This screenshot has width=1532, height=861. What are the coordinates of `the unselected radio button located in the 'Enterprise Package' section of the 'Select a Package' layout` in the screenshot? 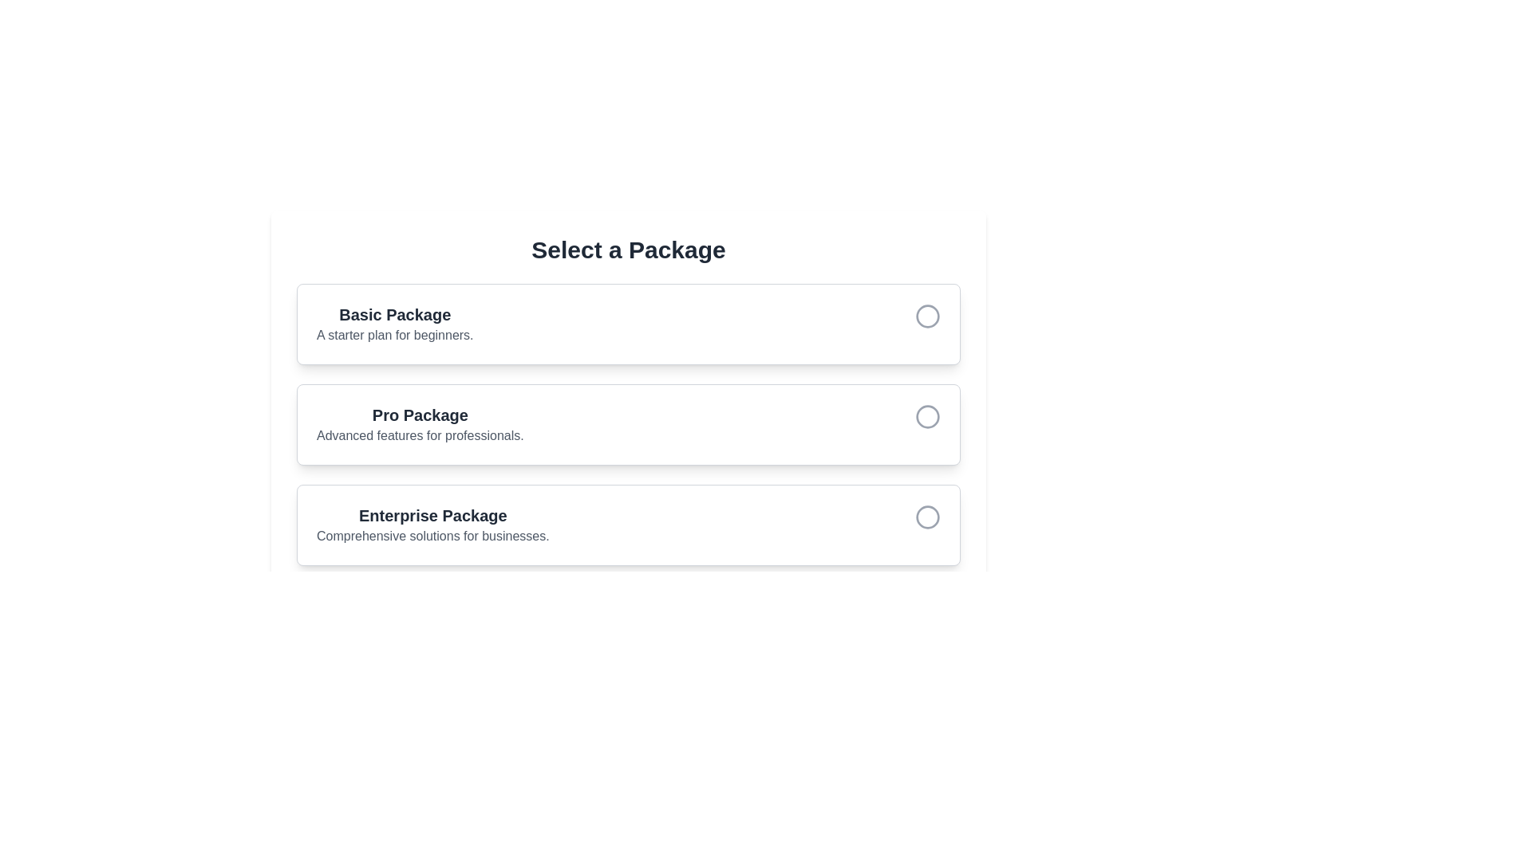 It's located at (927, 517).